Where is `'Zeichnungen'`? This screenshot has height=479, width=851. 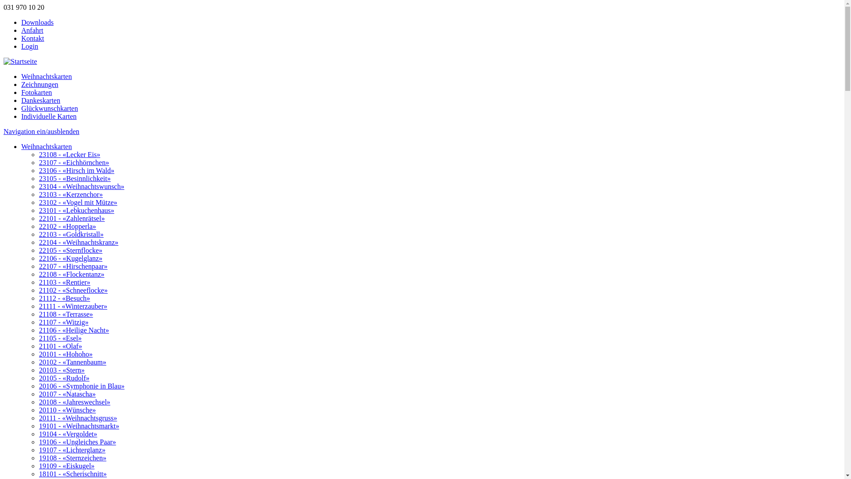
'Zeichnungen' is located at coordinates (39, 84).